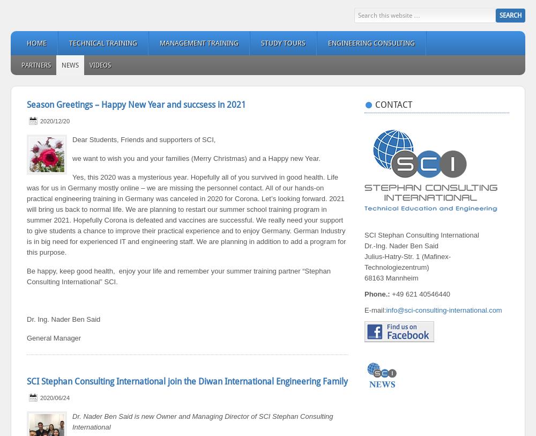 Image resolution: width=536 pixels, height=436 pixels. I want to click on 'SCI Stephan Consulting International join the Diwan International Engineering Family', so click(187, 381).